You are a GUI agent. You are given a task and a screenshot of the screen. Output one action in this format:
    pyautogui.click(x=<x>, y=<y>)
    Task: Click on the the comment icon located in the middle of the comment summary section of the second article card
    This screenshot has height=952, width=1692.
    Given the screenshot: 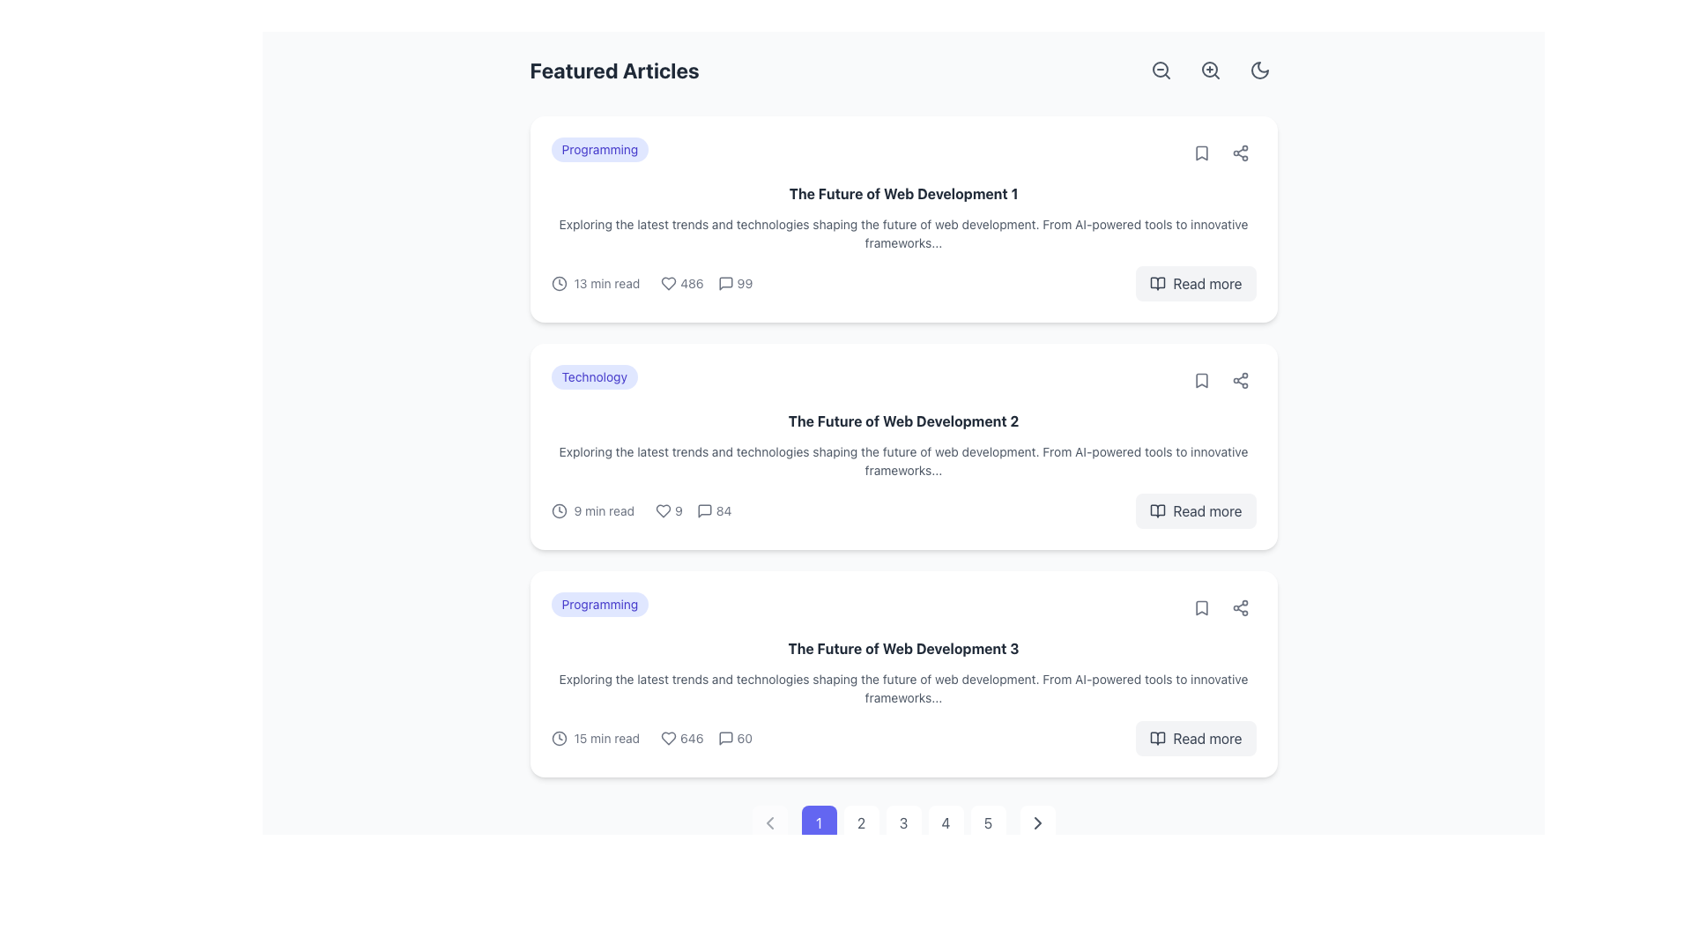 What is the action you would take?
    pyautogui.click(x=703, y=510)
    